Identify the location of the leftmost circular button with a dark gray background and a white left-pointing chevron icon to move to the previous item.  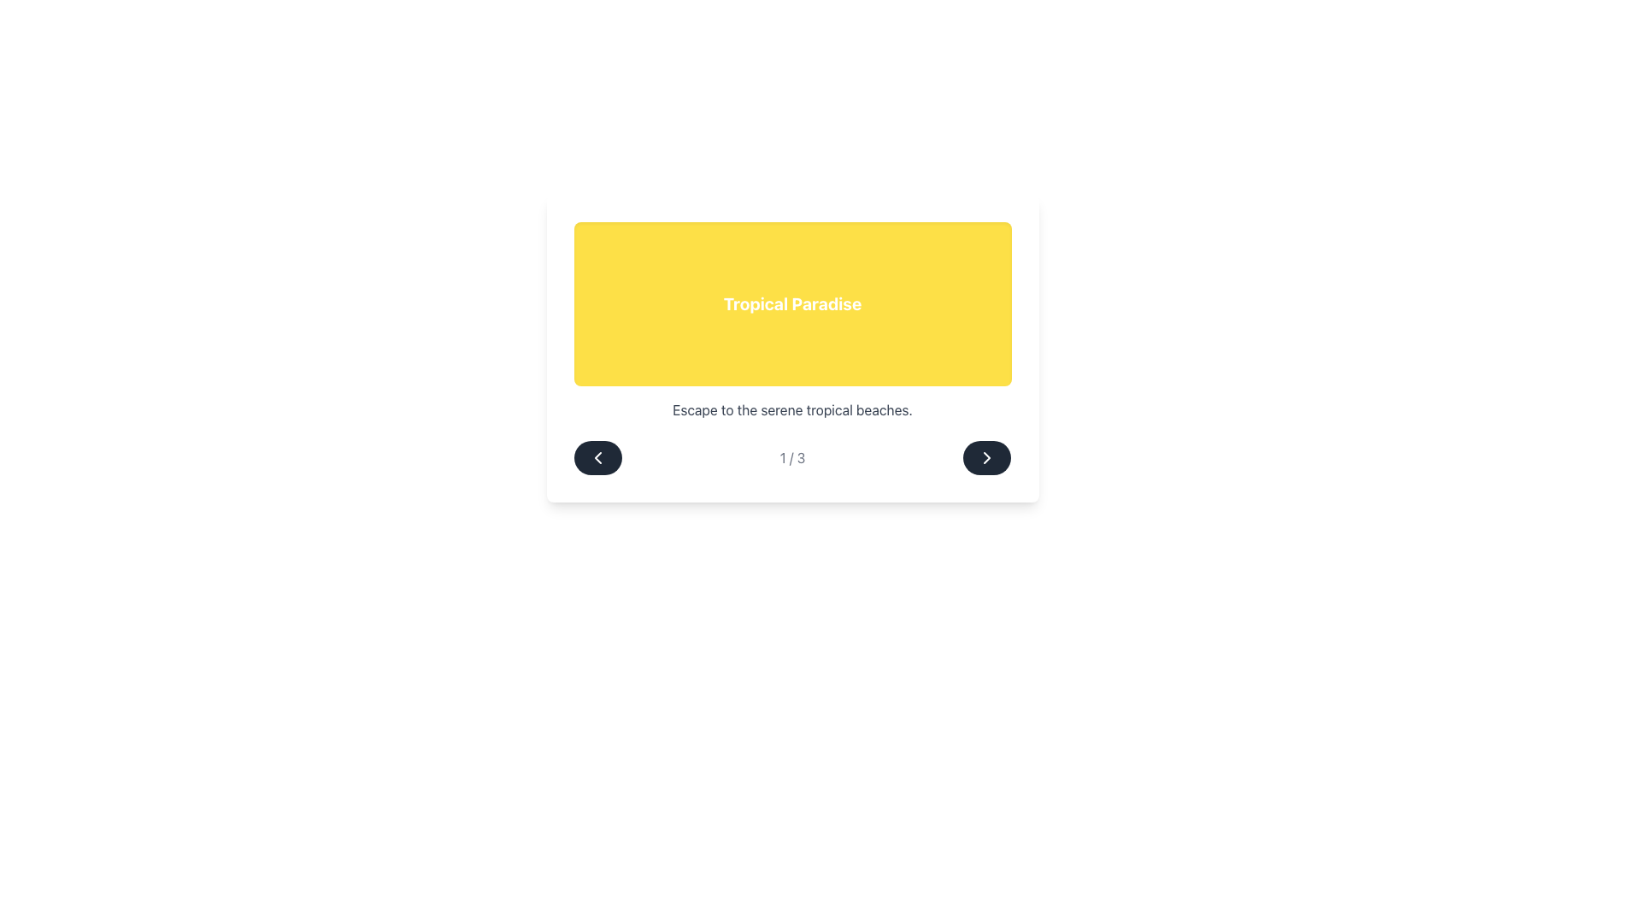
(597, 457).